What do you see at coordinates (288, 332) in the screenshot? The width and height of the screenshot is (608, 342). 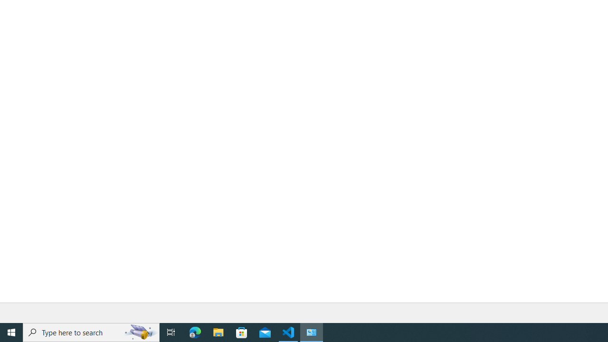 I see `'Visual Studio Code - 1 running window'` at bounding box center [288, 332].